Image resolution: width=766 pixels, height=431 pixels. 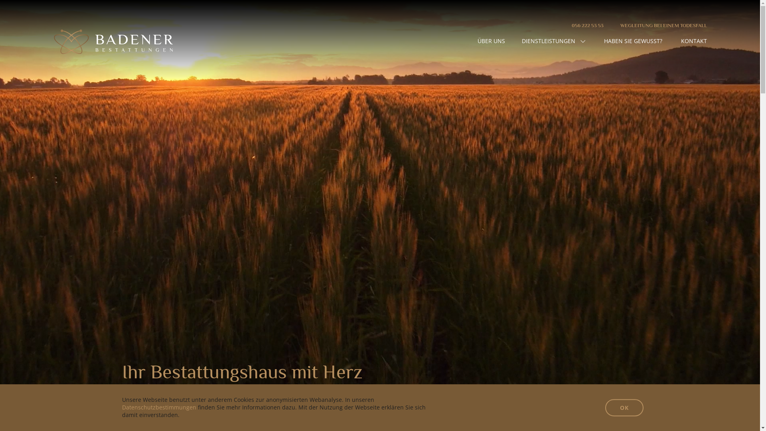 I want to click on 'HABEN SIE GEWUSST?', so click(x=633, y=41).